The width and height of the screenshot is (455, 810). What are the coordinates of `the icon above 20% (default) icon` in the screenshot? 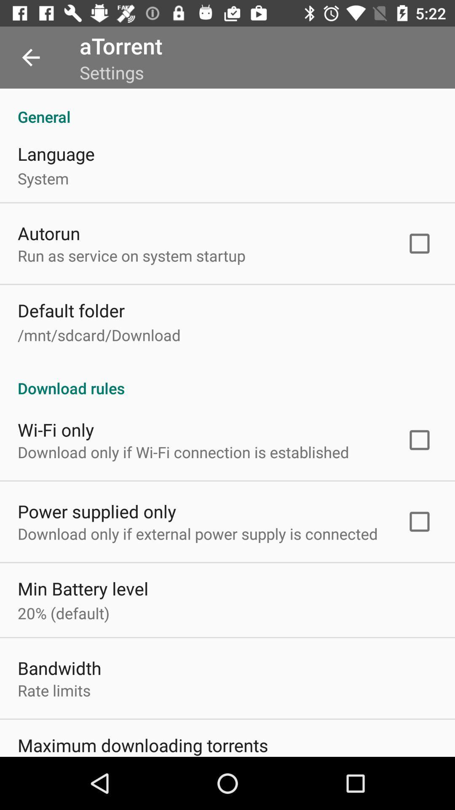 It's located at (83, 588).